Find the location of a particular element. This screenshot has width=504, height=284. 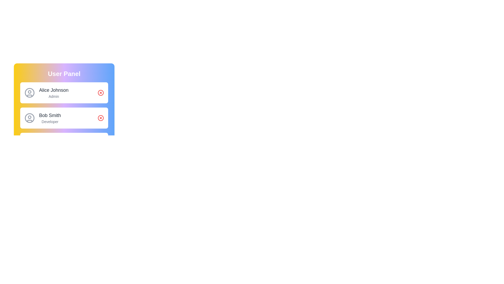

the non-interactive text label displaying the role 'Developer' located below 'Bob Smith' in the User Panel section is located at coordinates (50, 121).